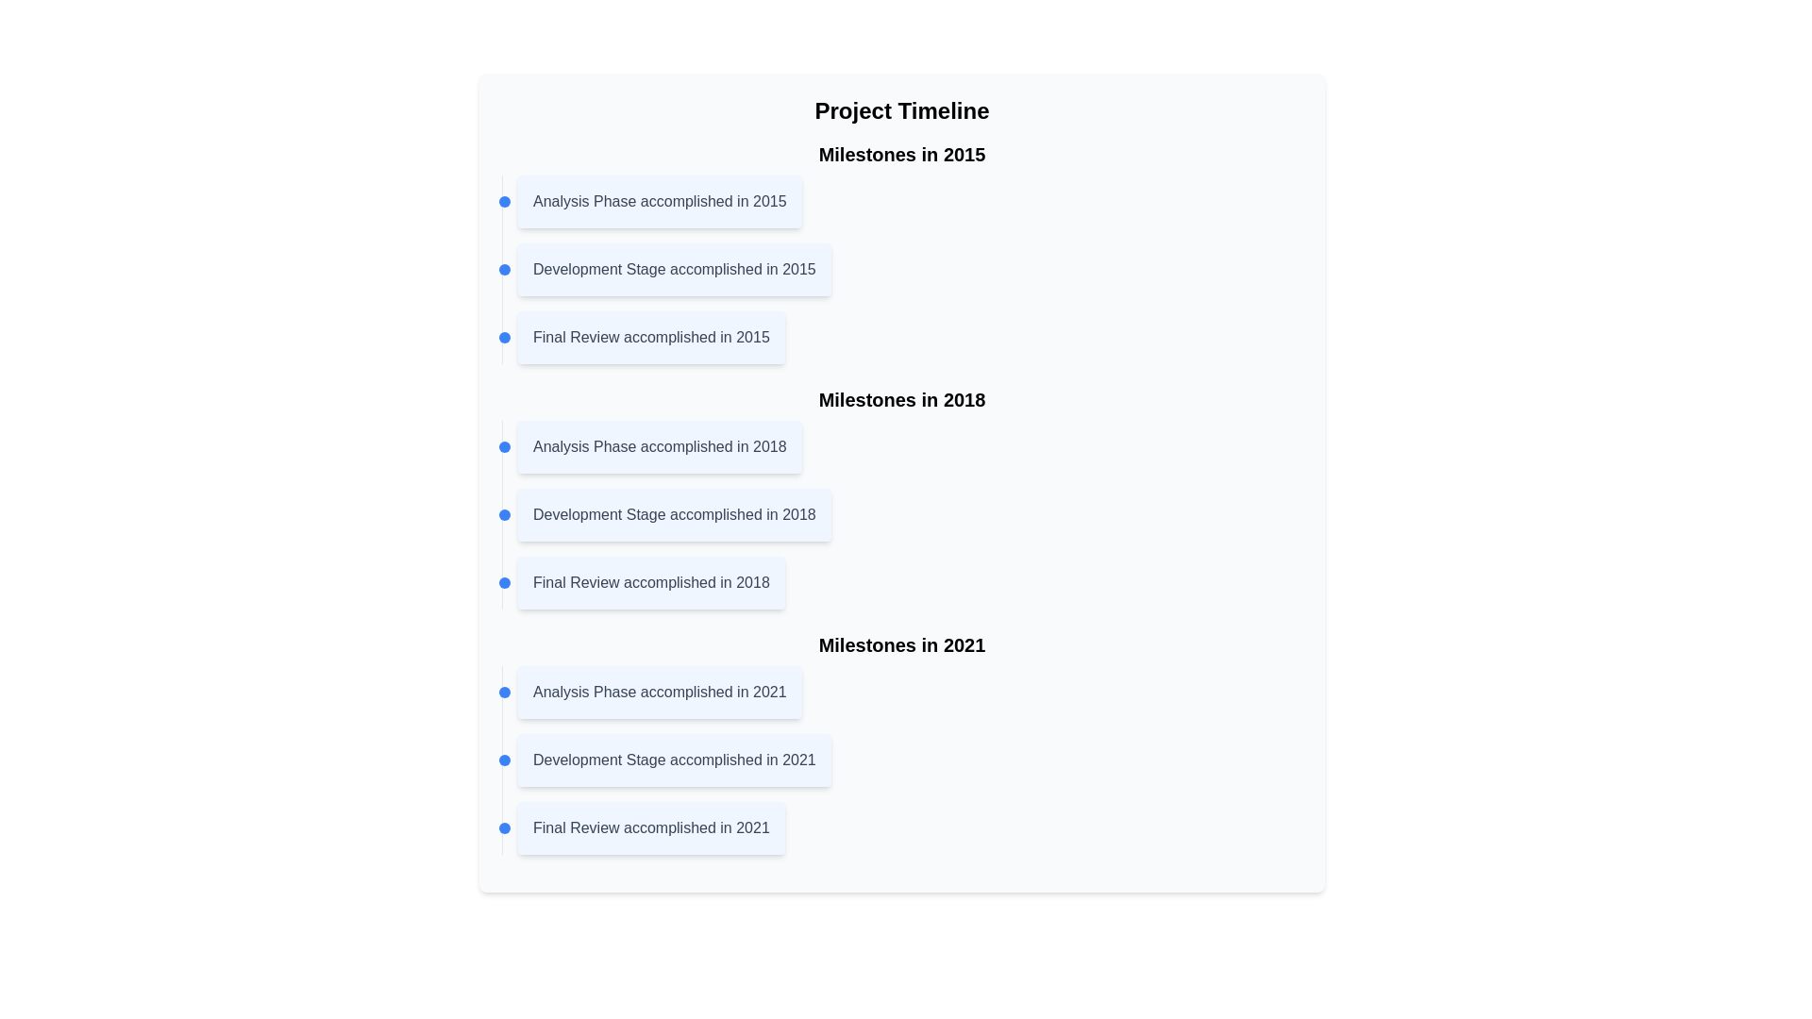 The width and height of the screenshot is (1812, 1019). I want to click on the visual marker styled as a circle that indicates the 'Analysis Phase accomplished in 2021' in the 2021 milestones section, so click(504, 692).